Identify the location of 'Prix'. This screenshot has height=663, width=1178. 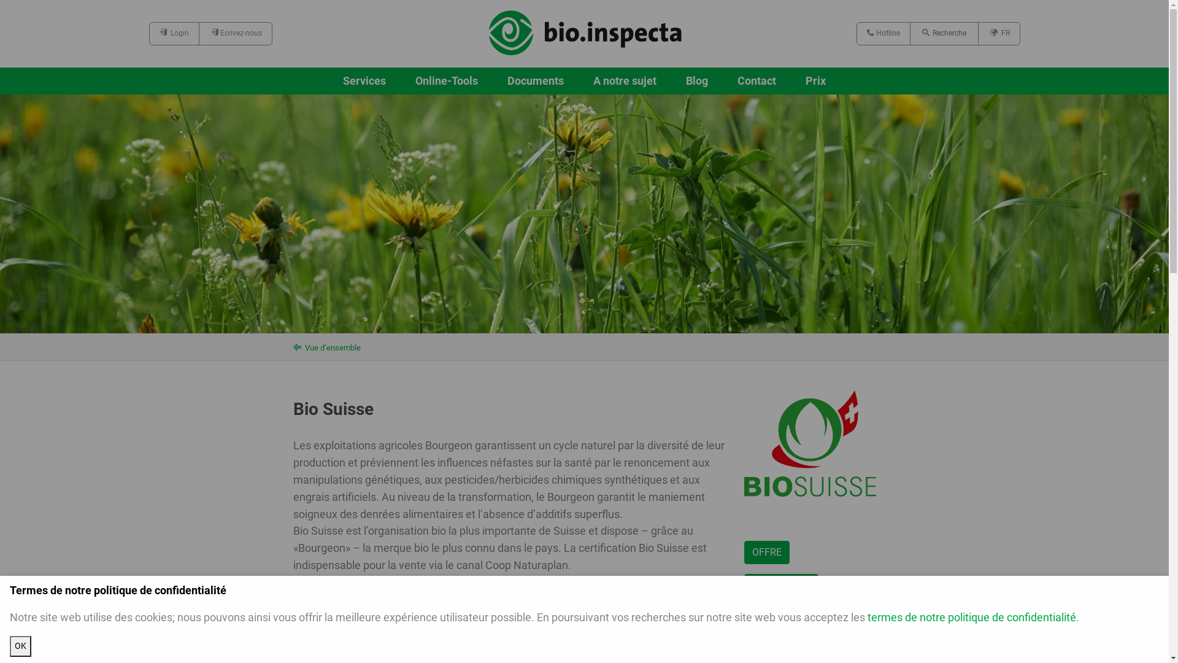
(806, 80).